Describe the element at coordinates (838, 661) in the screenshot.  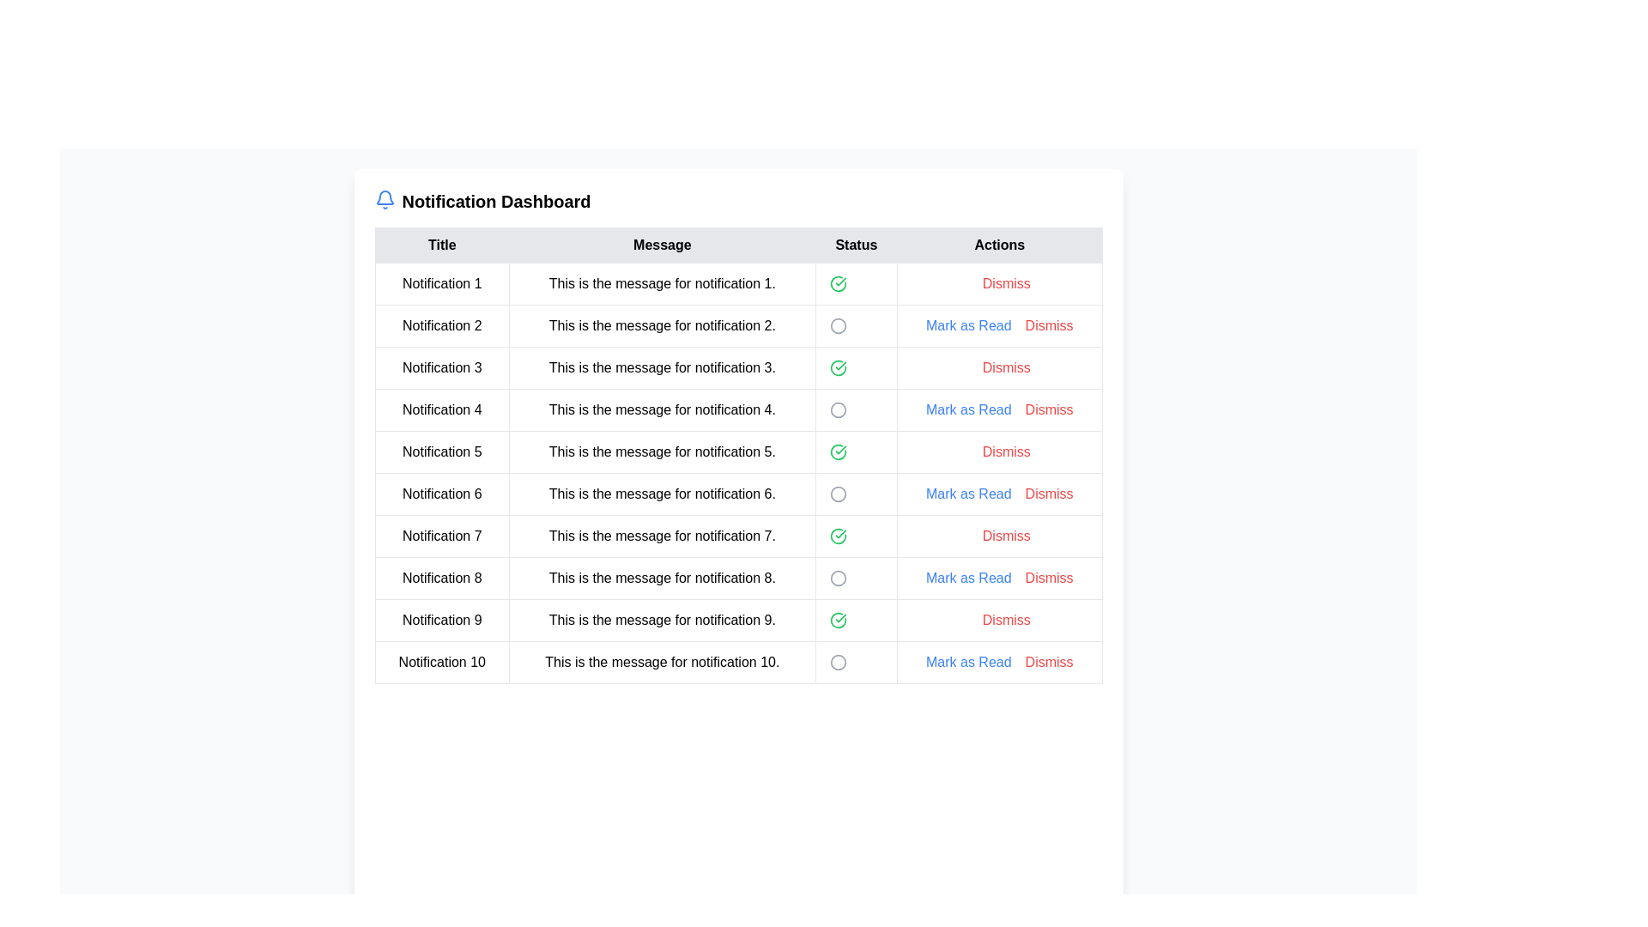
I see `the status icon in the last row of the notifications table, located between the message for notification 10 and the 'Mark as Read' text` at that location.